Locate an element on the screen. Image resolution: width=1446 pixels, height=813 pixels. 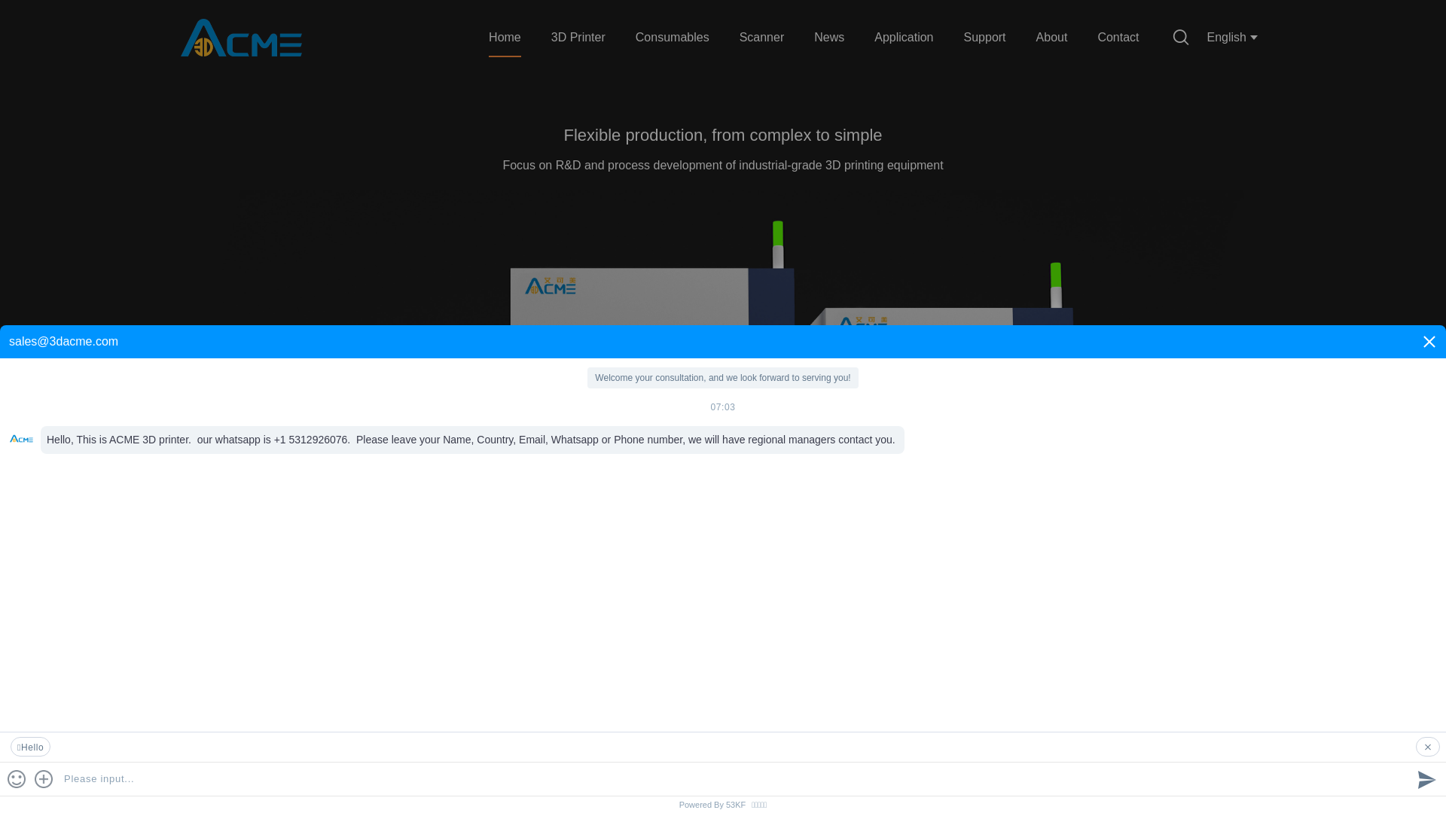
'3D Printer' is located at coordinates (578, 37).